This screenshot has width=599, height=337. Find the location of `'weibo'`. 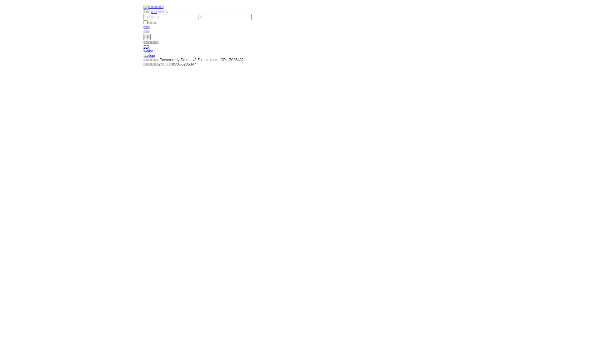

'weibo' is located at coordinates (148, 51).